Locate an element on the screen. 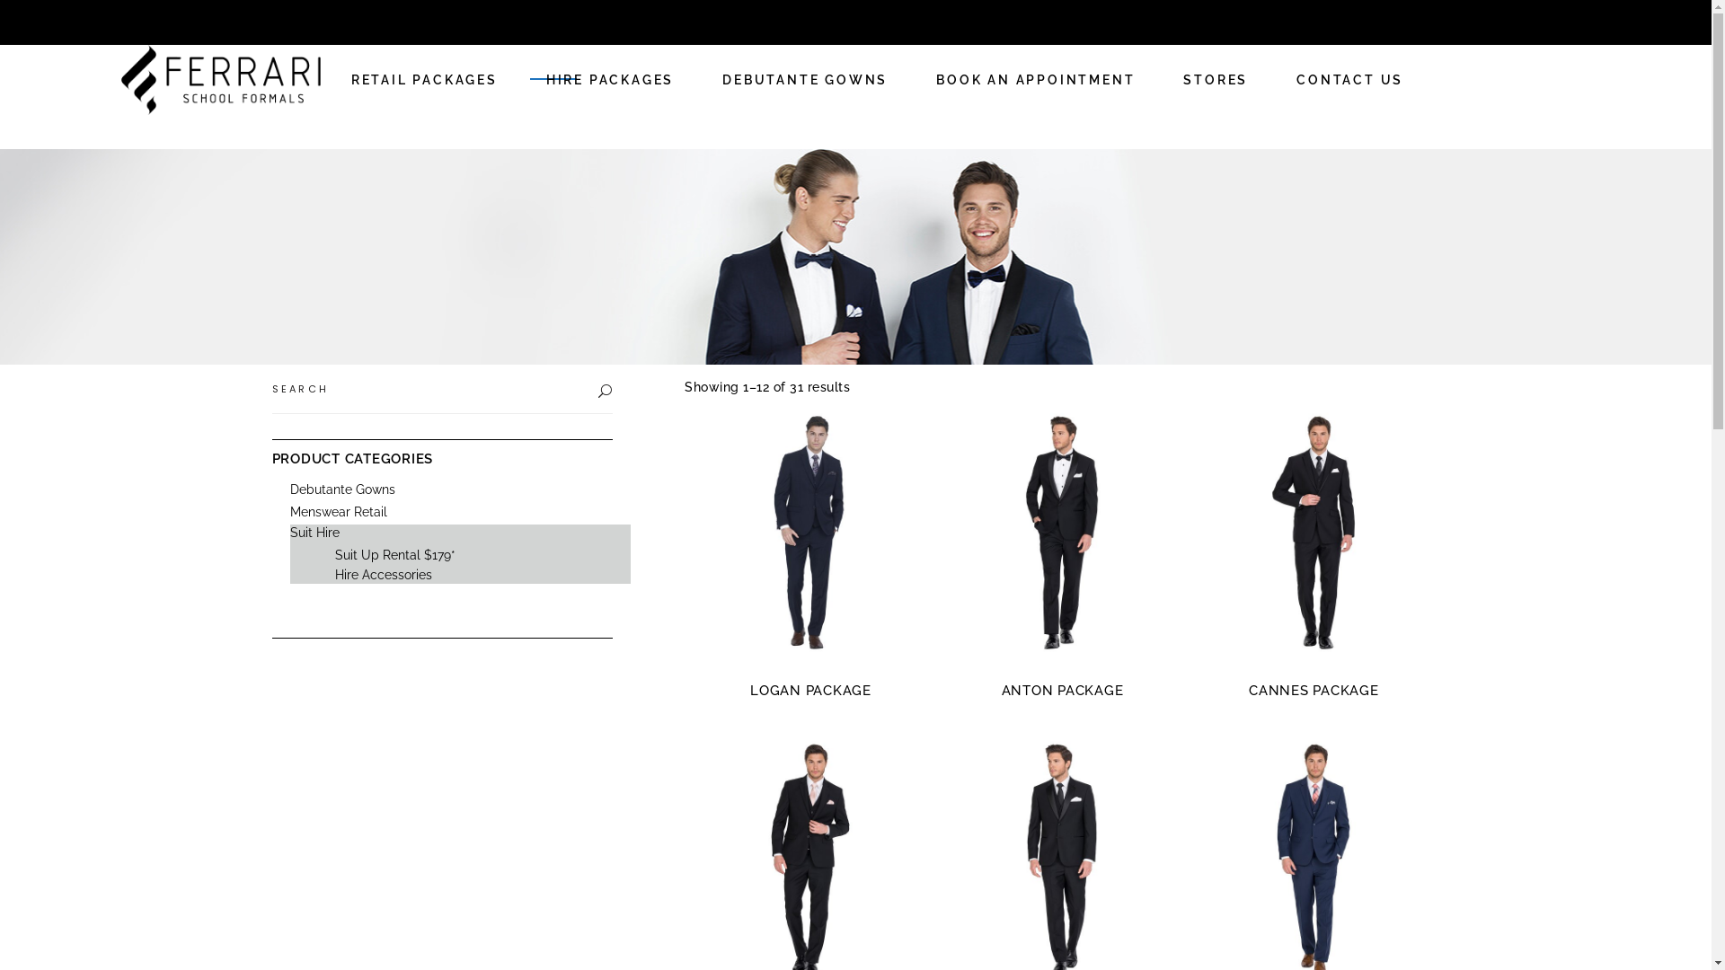 This screenshot has height=970, width=1725. 'Search for:' is located at coordinates (429, 387).